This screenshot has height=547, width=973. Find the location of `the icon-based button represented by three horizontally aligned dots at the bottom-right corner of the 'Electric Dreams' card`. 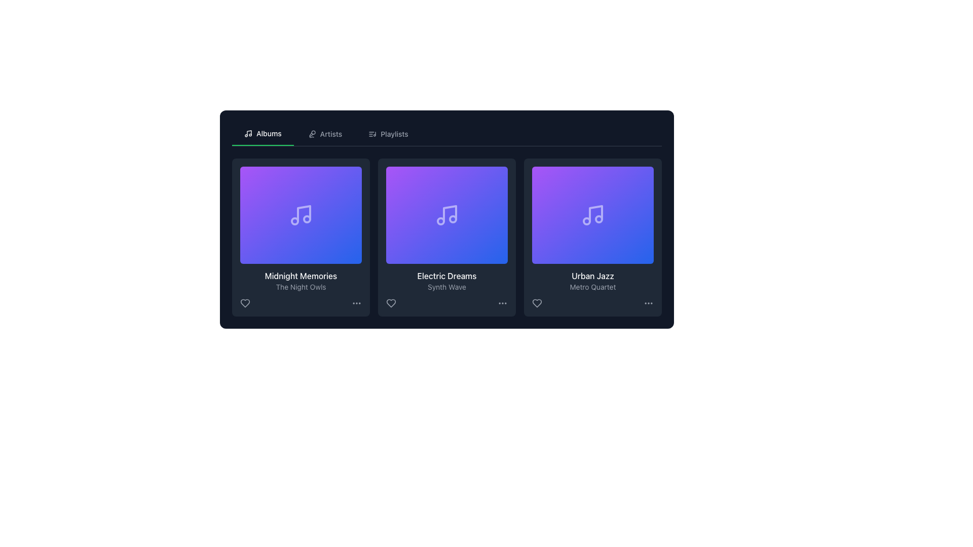

the icon-based button represented by three horizontally aligned dots at the bottom-right corner of the 'Electric Dreams' card is located at coordinates (503, 302).